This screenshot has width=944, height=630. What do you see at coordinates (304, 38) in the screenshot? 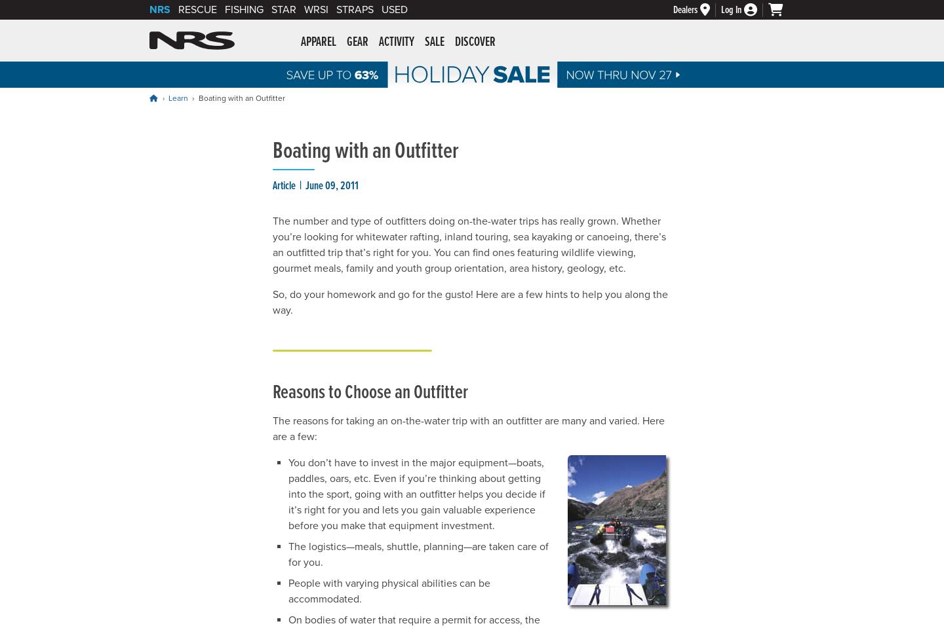
I see `'NRS: Northwest River Supplies'` at bounding box center [304, 38].